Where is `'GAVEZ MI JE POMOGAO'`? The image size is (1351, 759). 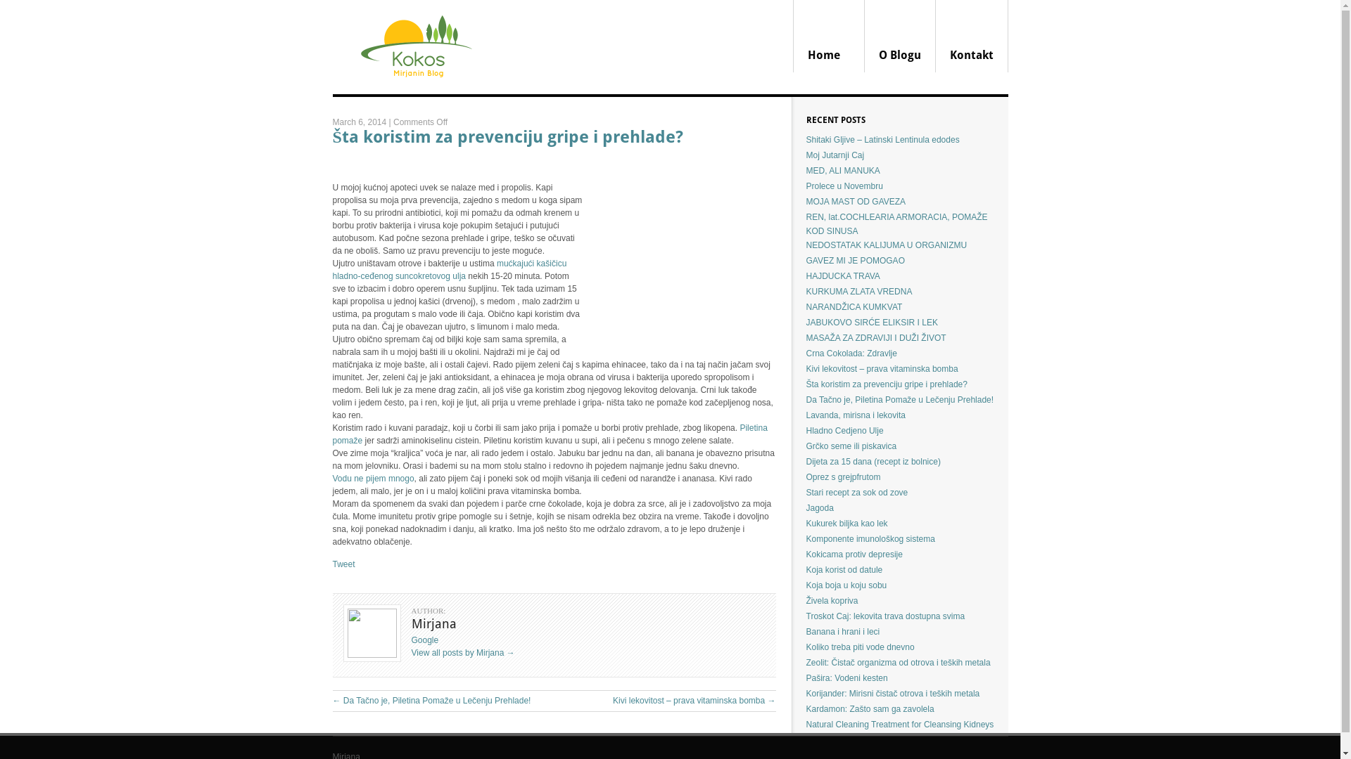
'GAVEZ MI JE POMOGAO' is located at coordinates (806, 260).